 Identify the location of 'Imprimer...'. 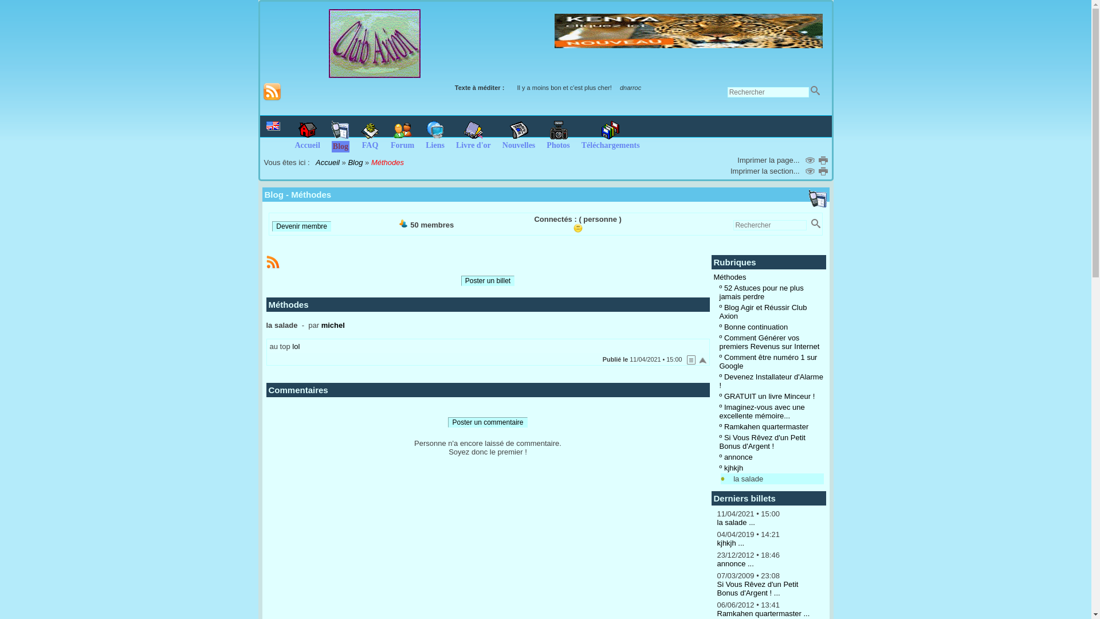
(818, 160).